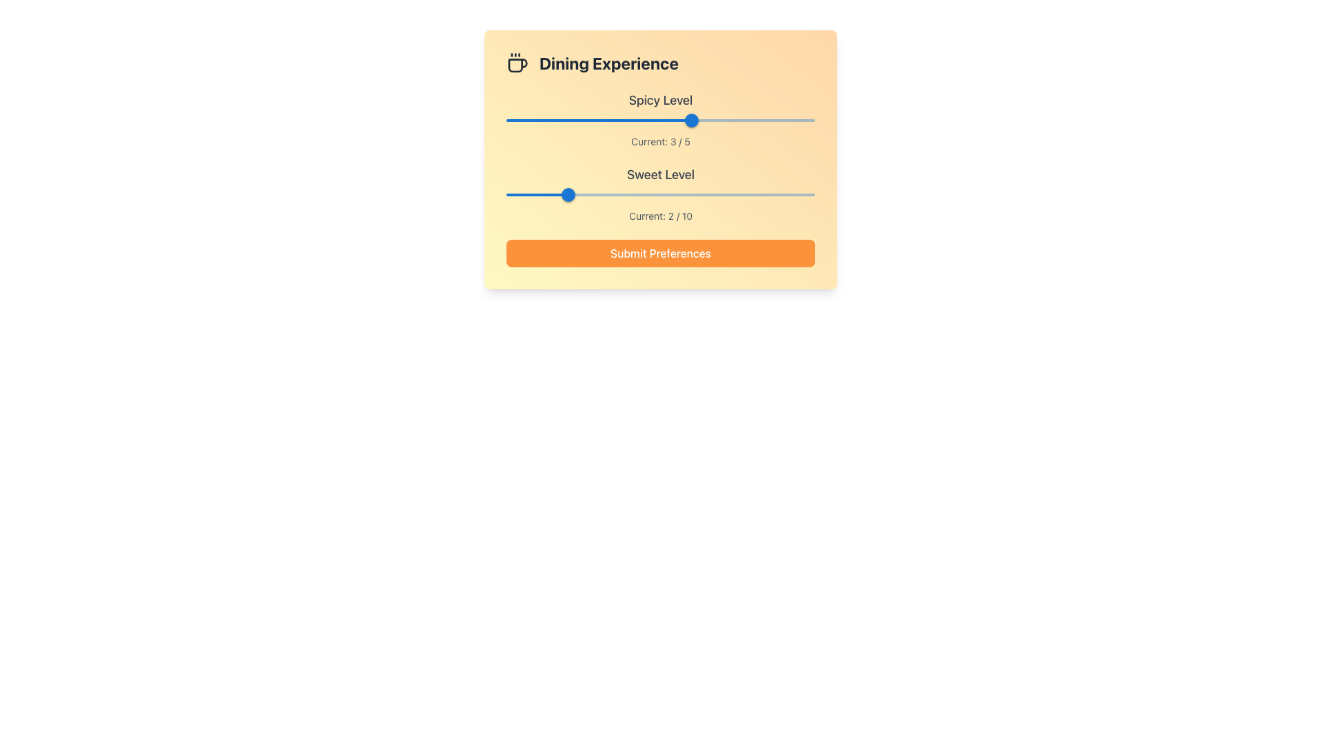 Image resolution: width=1323 pixels, height=744 pixels. I want to click on the spicy level, so click(505, 119).